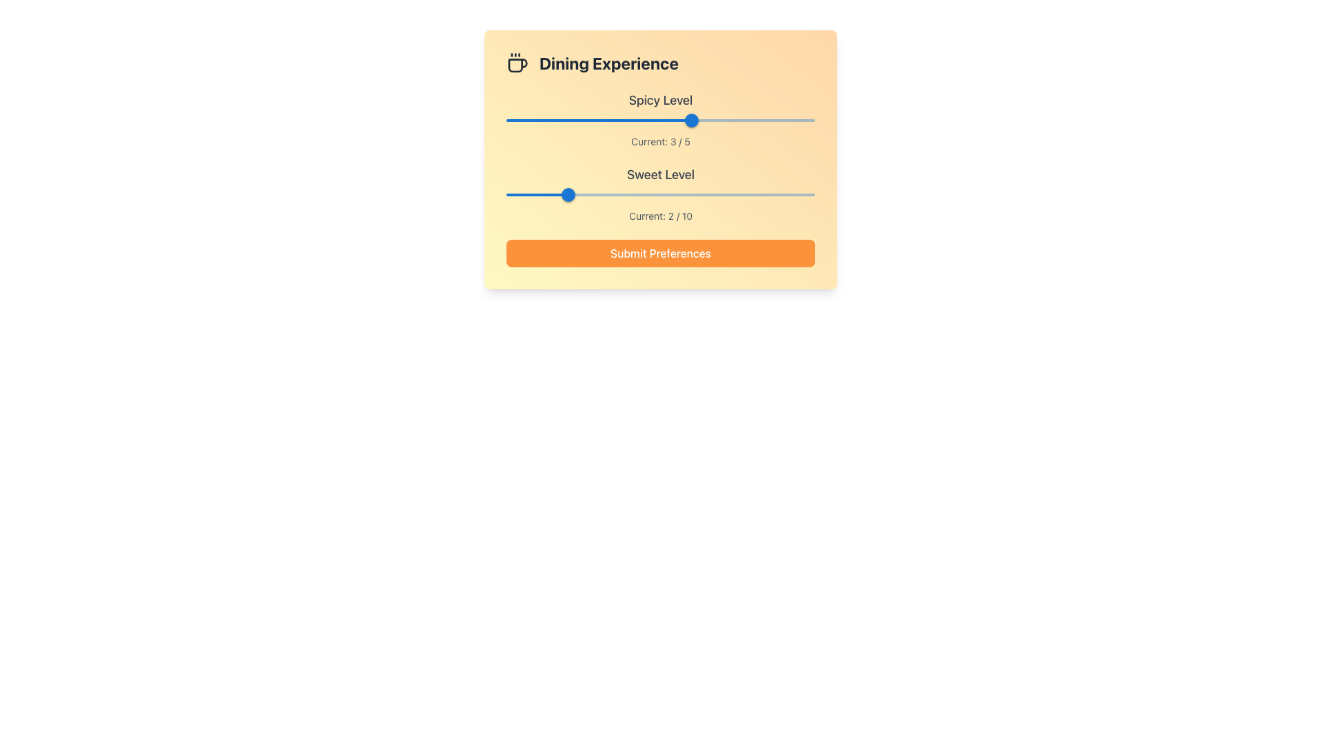 Image resolution: width=1323 pixels, height=744 pixels. I want to click on the spicy level, so click(505, 119).